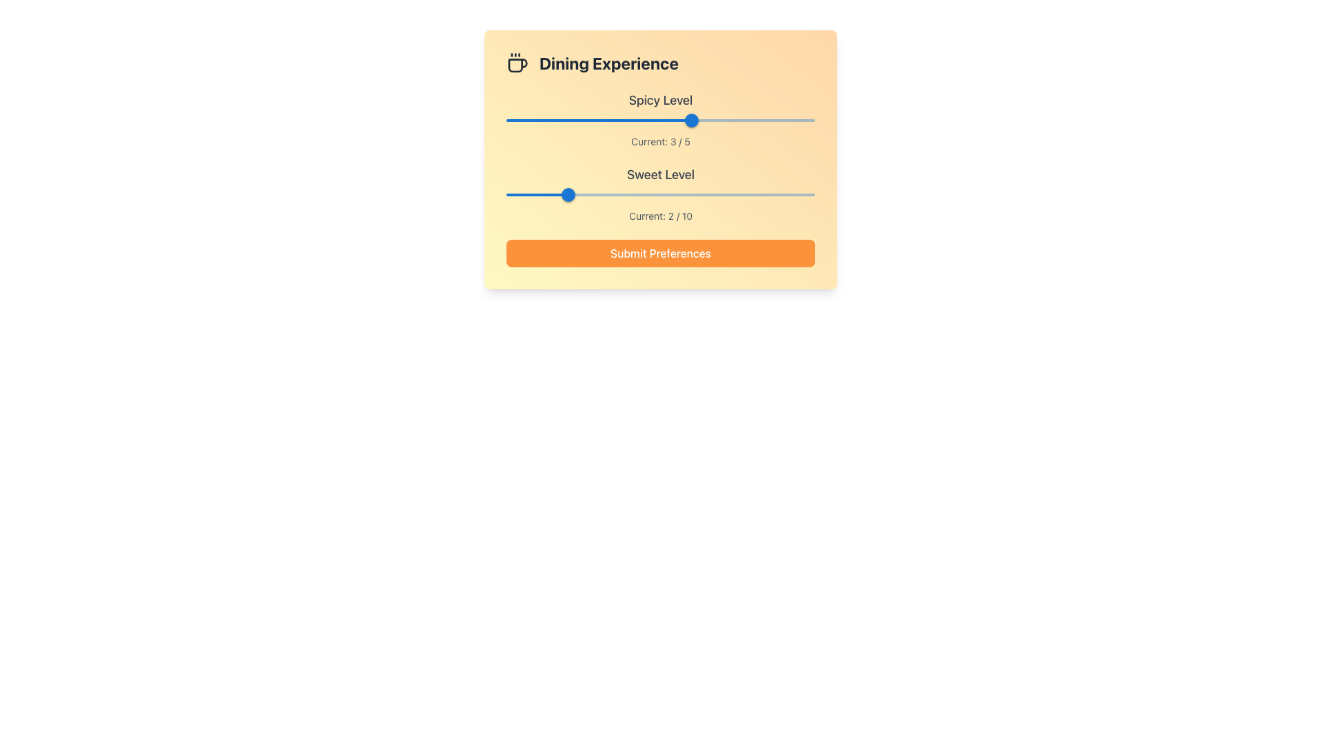 Image resolution: width=1323 pixels, height=744 pixels. I want to click on the spicy level, so click(505, 119).